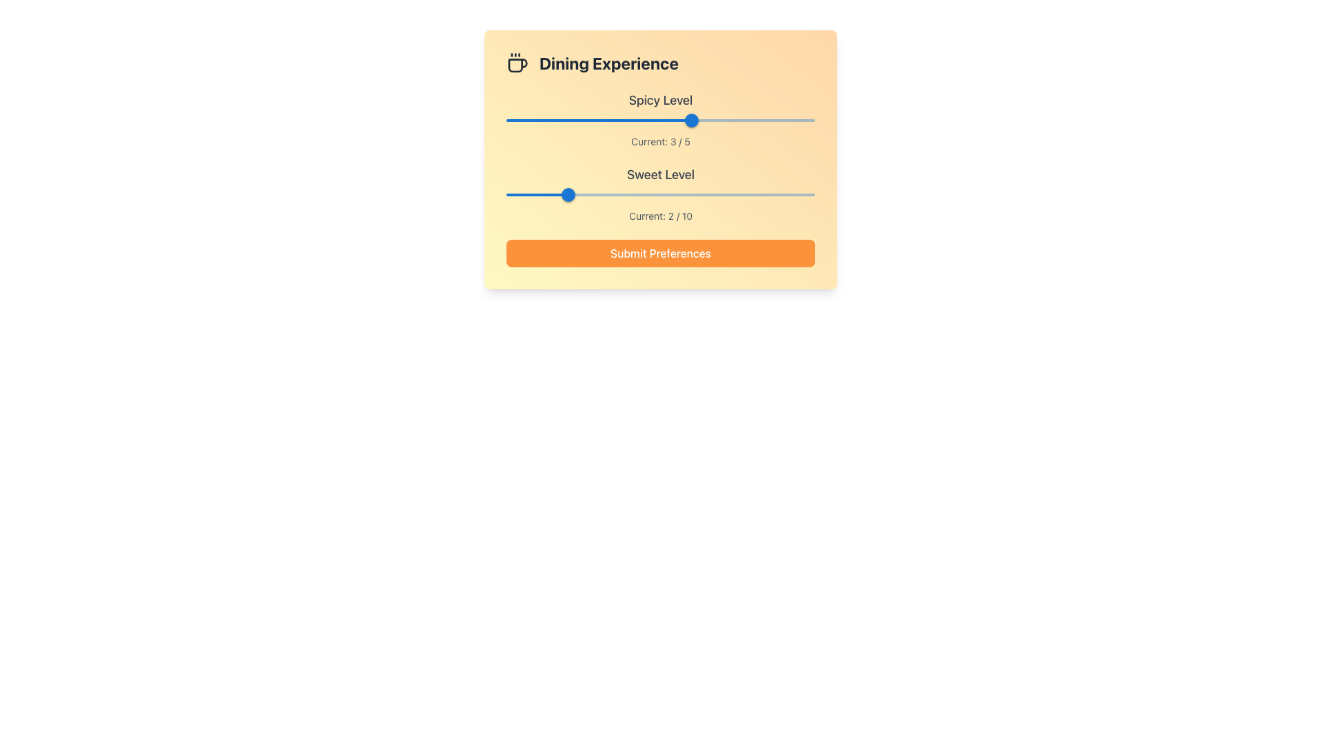 Image resolution: width=1323 pixels, height=744 pixels. I want to click on the spicy level, so click(505, 119).